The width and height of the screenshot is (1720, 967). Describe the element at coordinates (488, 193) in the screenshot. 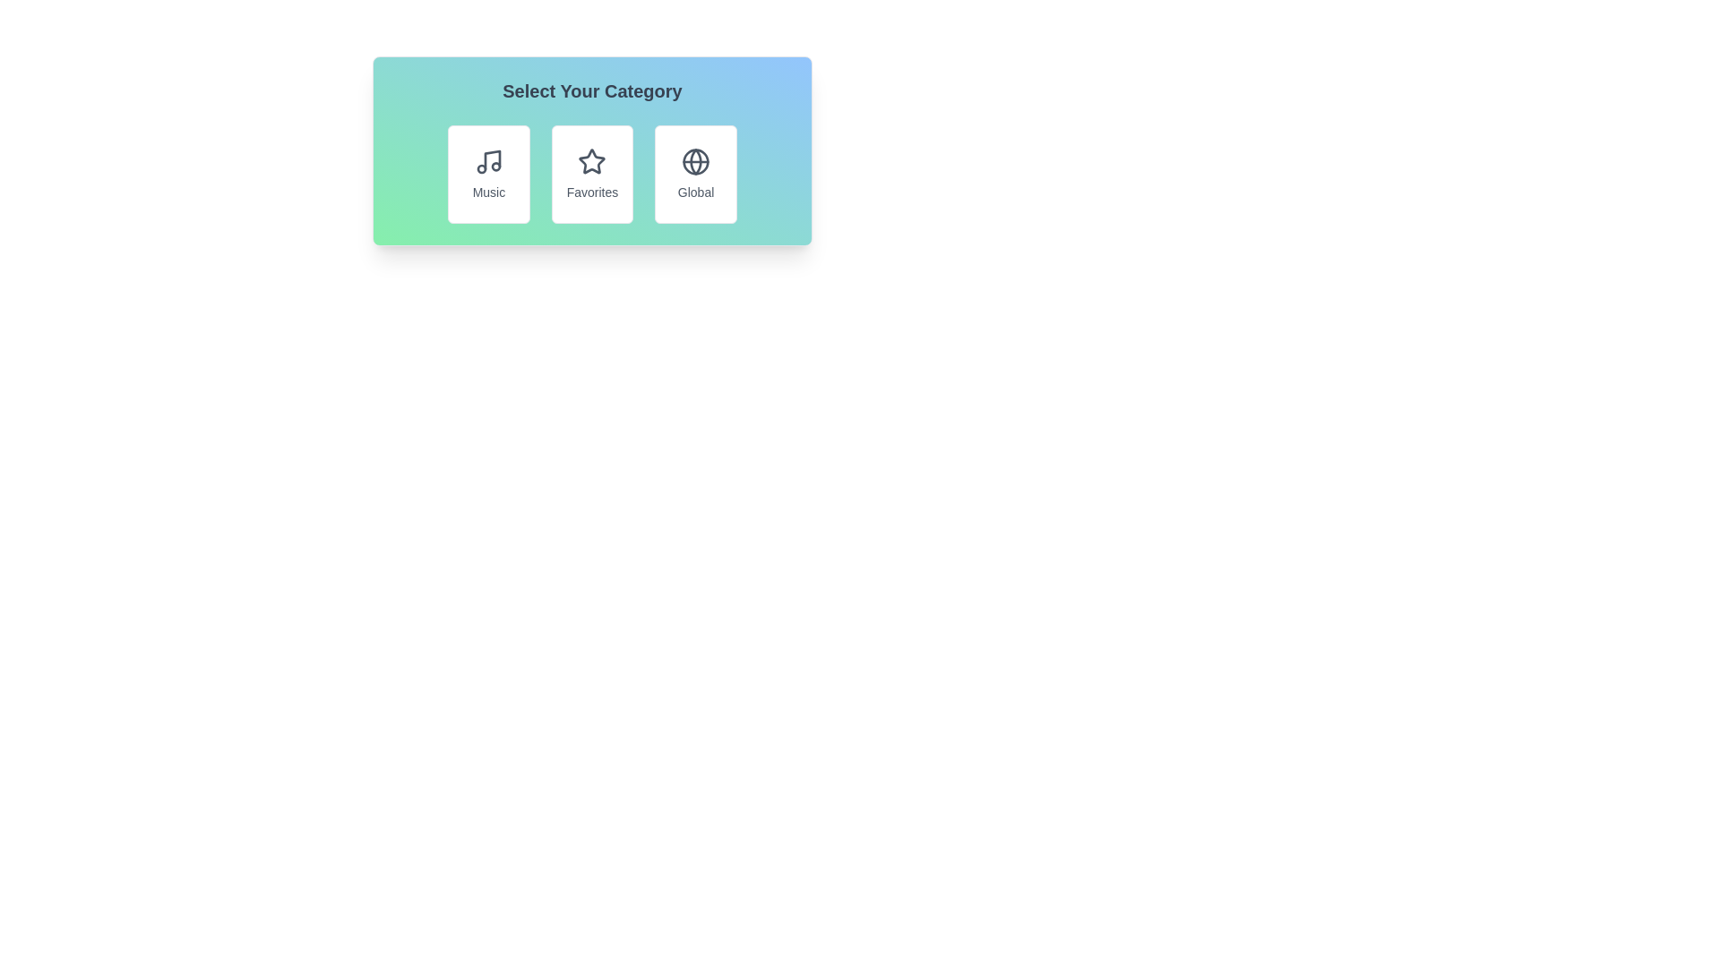

I see `the 'Music' text label located below the music icon in the first card of the 'Select Your Category' section` at that location.